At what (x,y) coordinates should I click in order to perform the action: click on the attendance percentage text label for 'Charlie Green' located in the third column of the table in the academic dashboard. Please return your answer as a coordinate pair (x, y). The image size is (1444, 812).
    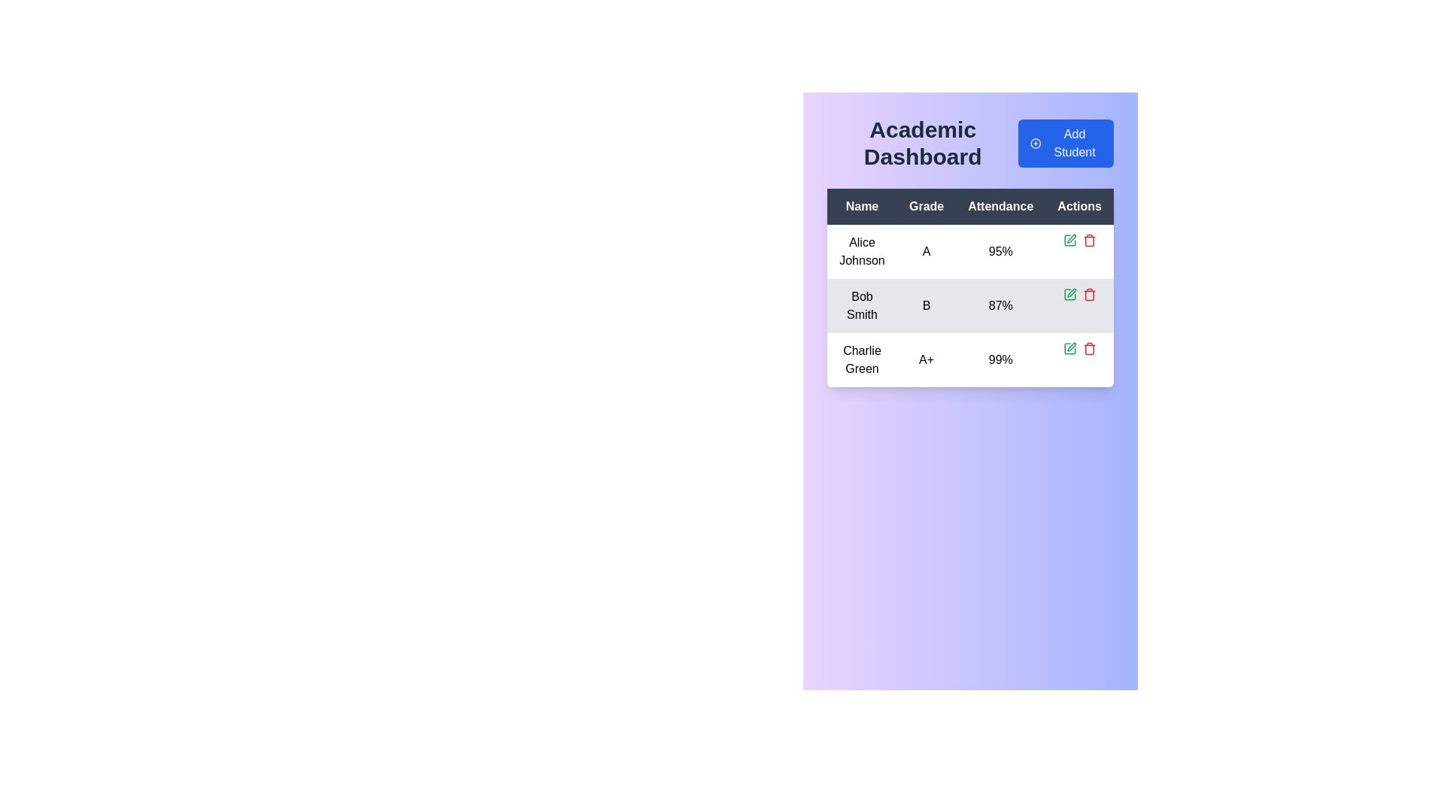
    Looking at the image, I should click on (1000, 359).